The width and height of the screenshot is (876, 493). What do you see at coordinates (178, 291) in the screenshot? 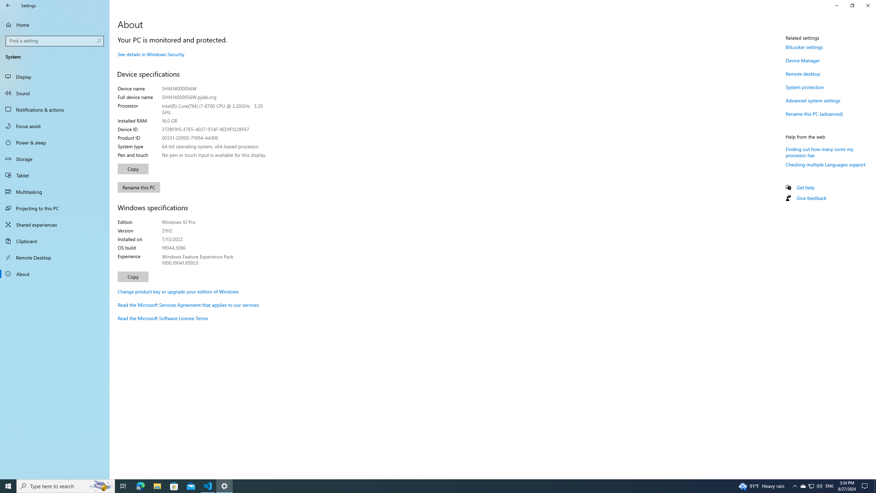
I see `'Change product key or upgrade your edition of Windows'` at bounding box center [178, 291].